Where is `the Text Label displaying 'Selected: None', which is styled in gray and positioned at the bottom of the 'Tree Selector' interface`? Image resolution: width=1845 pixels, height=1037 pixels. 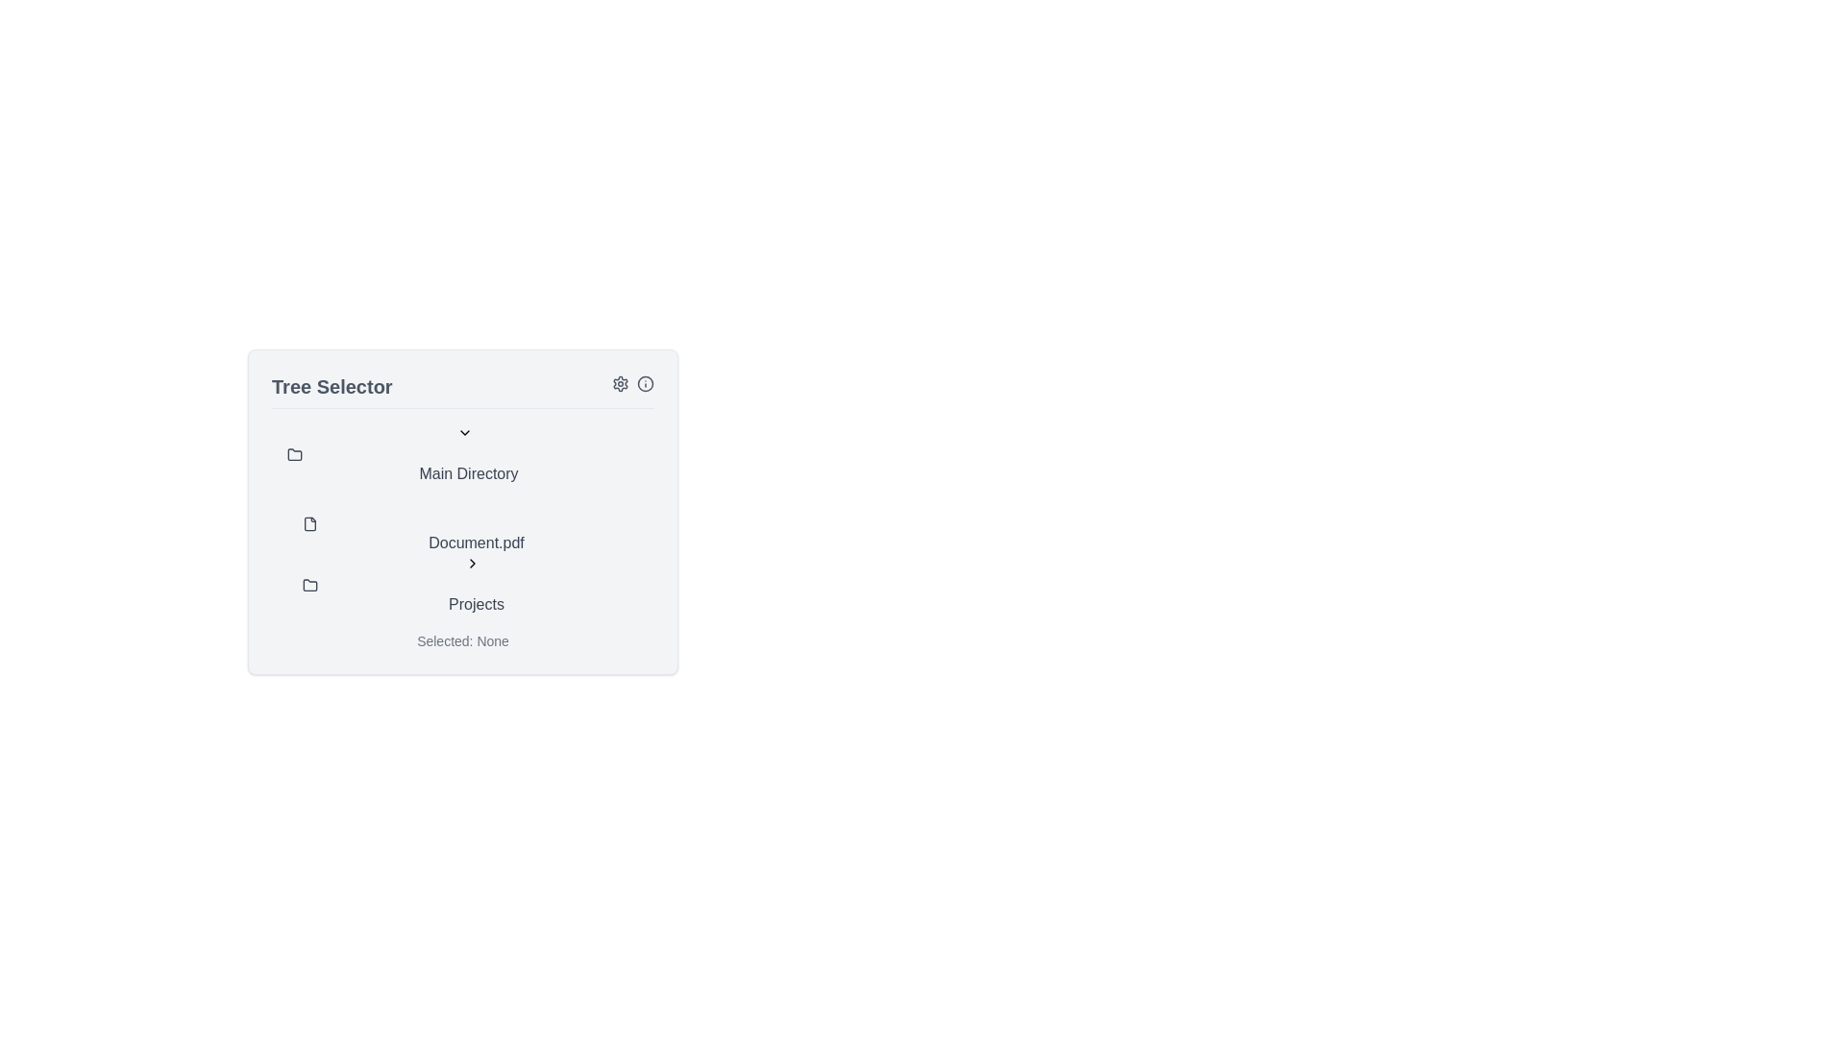 the Text Label displaying 'Selected: None', which is styled in gray and positioned at the bottom of the 'Tree Selector' interface is located at coordinates (462, 640).